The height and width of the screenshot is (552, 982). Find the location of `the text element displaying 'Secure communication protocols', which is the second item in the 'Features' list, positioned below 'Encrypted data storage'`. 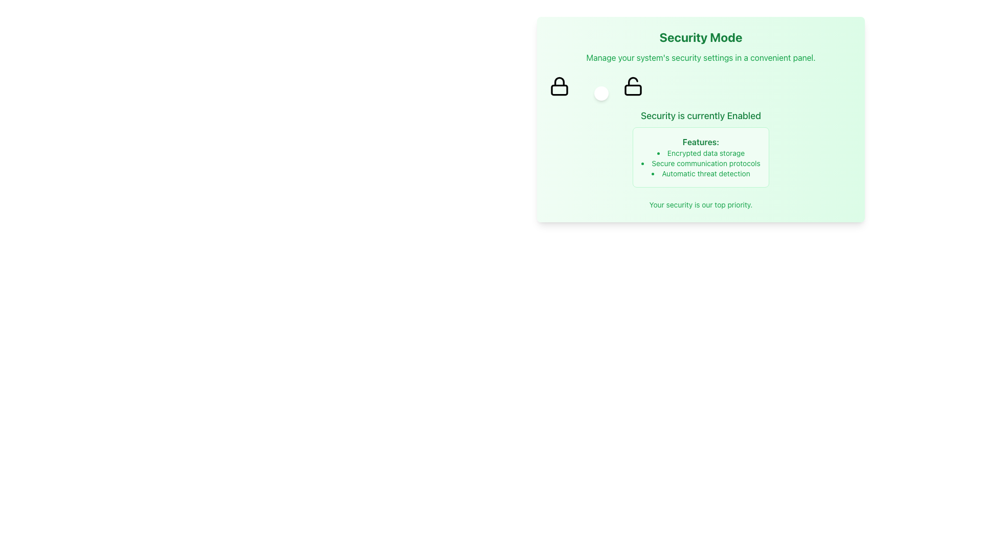

the text element displaying 'Secure communication protocols', which is the second item in the 'Features' list, positioned below 'Encrypted data storage' is located at coordinates (700, 163).